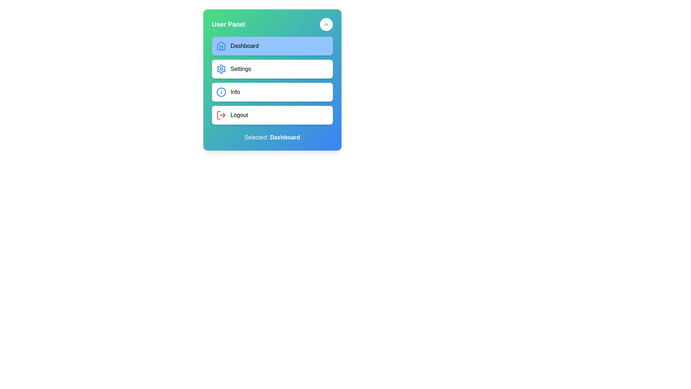  I want to click on the 'User Panel' header for accessibility navigation by moving the cursor to the center of the header, so click(272, 24).